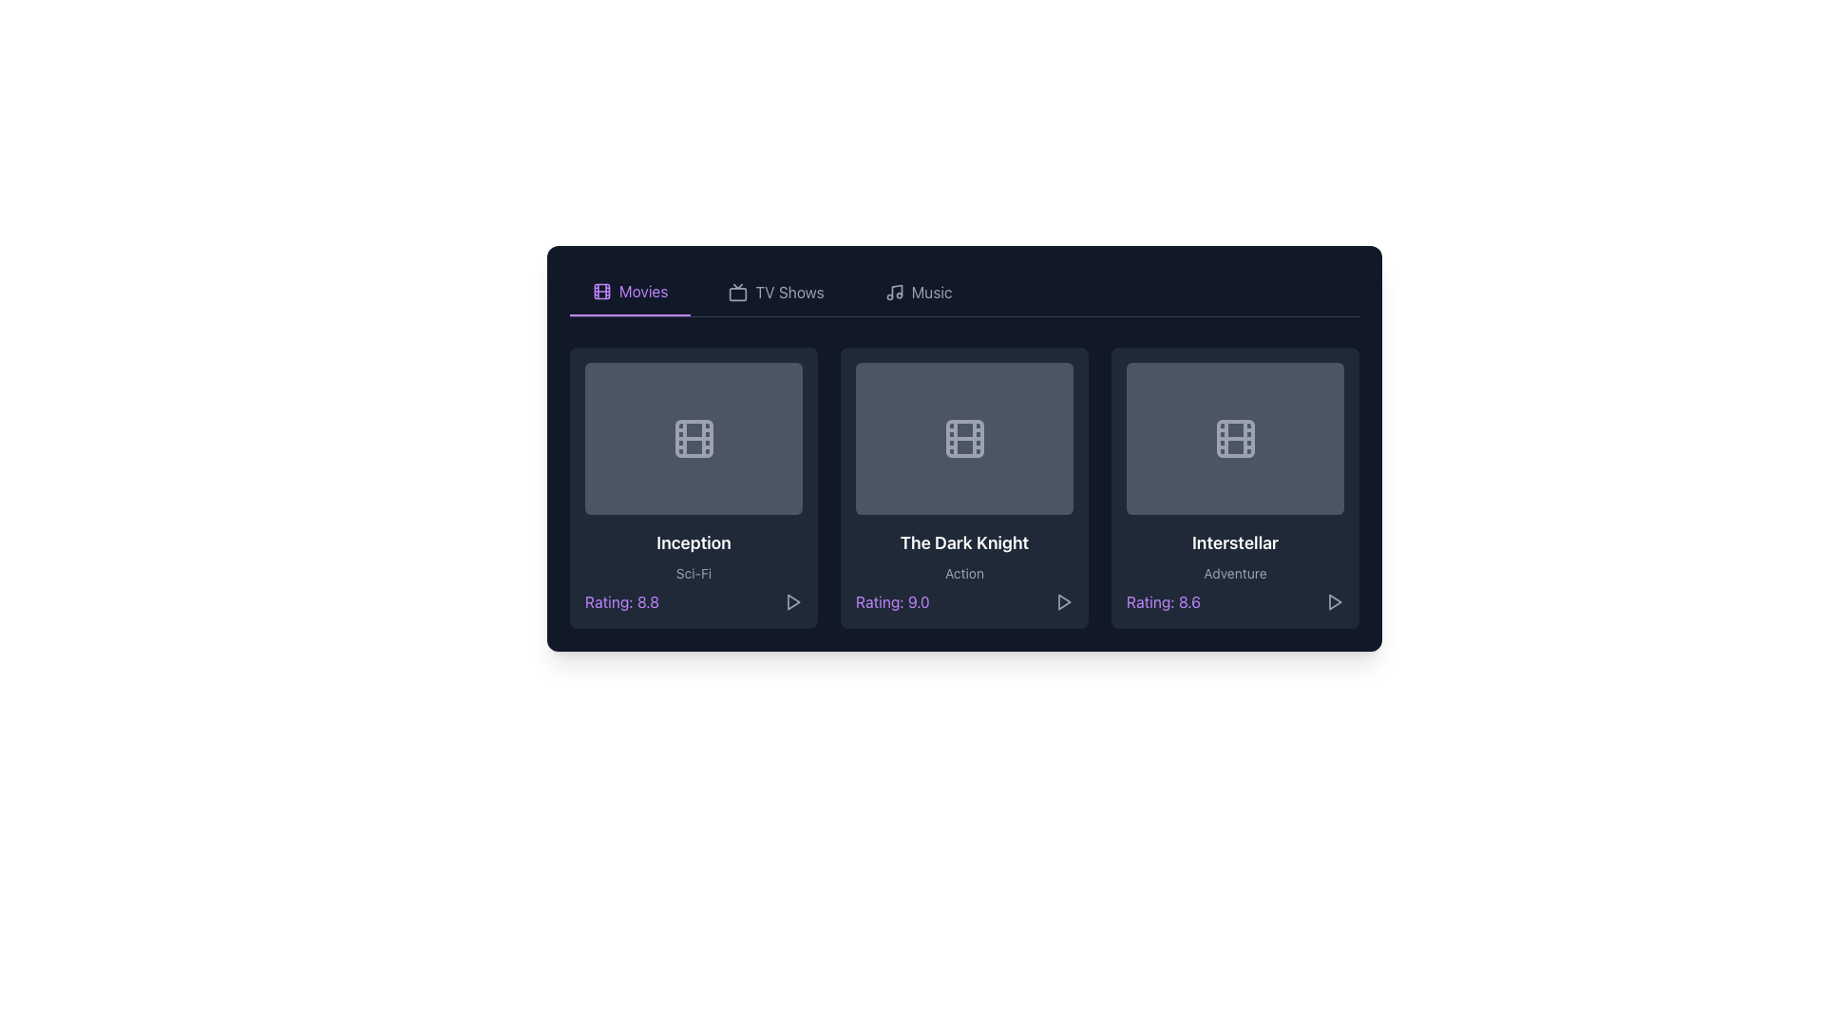 This screenshot has width=1824, height=1026. I want to click on the text label displaying the word 'Adventure', which is located under the title 'Interstellar' and above the rating information, so click(1235, 573).